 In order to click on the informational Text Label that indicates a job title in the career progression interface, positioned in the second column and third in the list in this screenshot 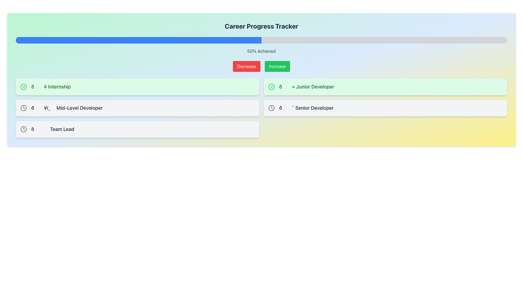, I will do `click(306, 108)`.